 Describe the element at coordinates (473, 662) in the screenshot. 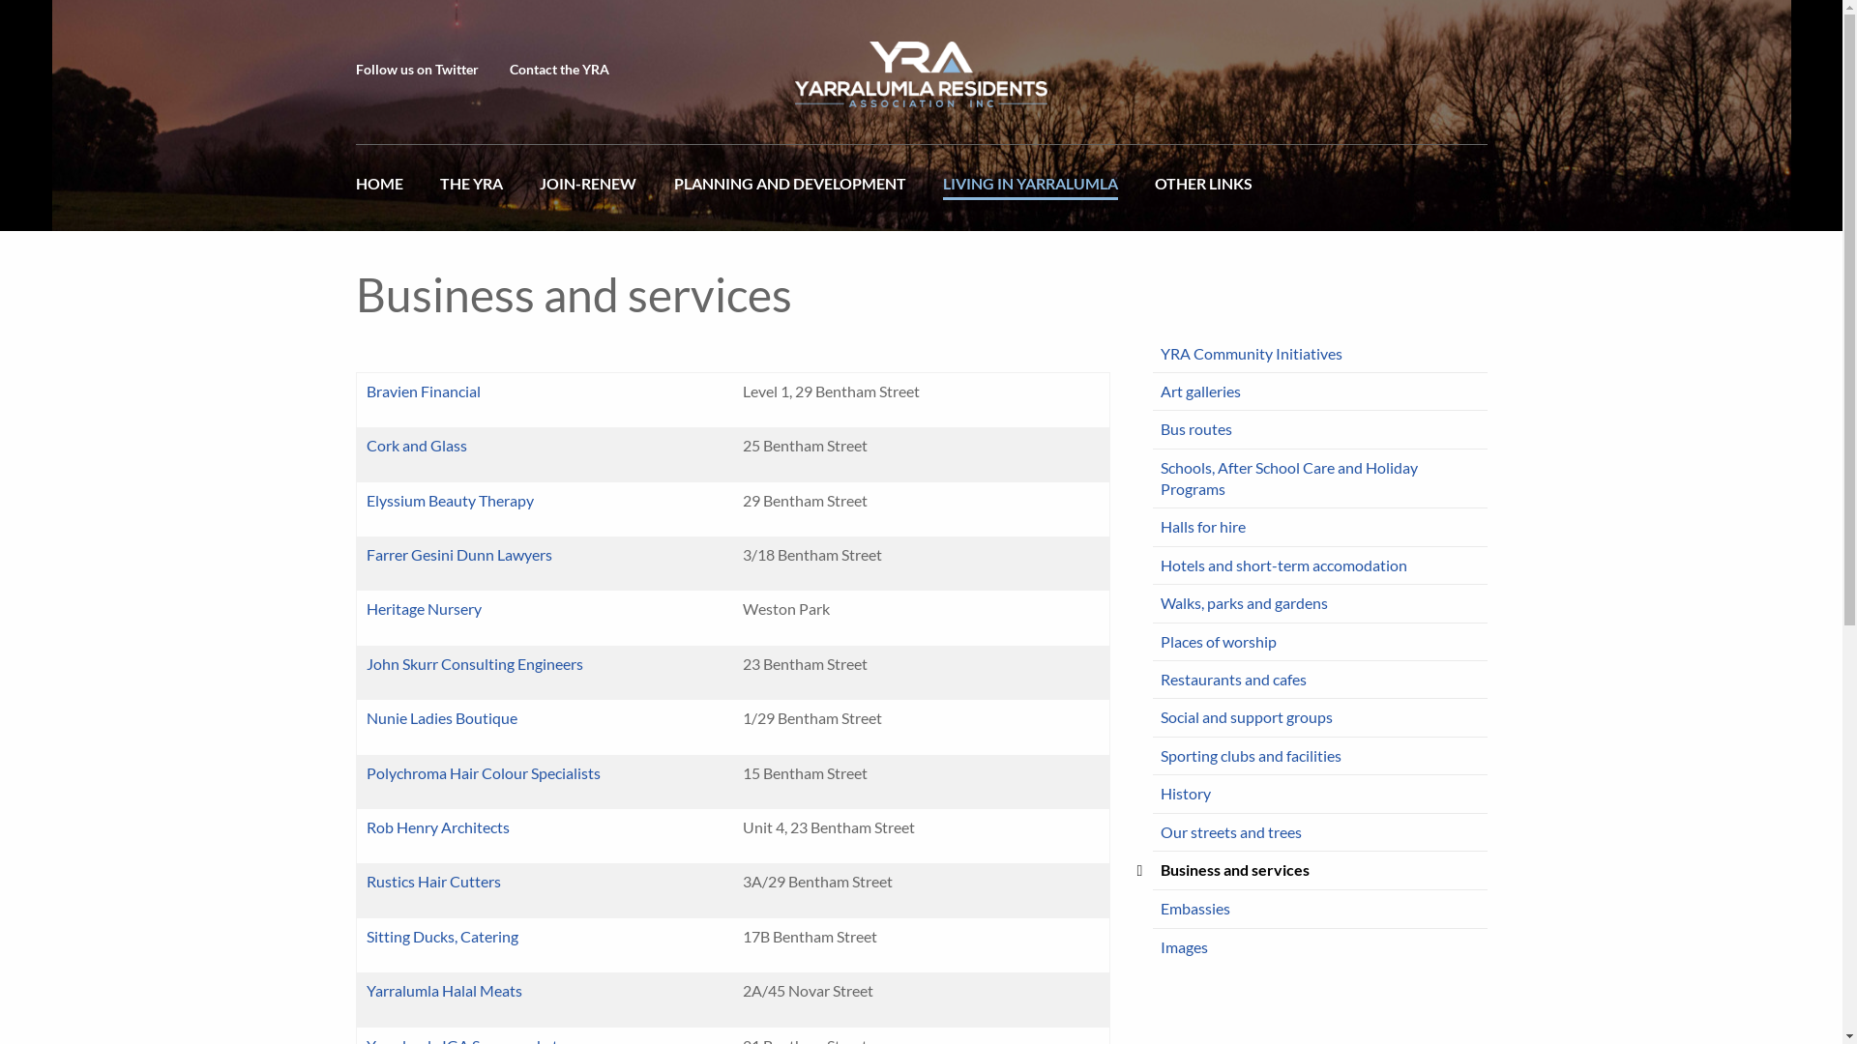

I see `'John Skurr Consulting Engineers'` at that location.